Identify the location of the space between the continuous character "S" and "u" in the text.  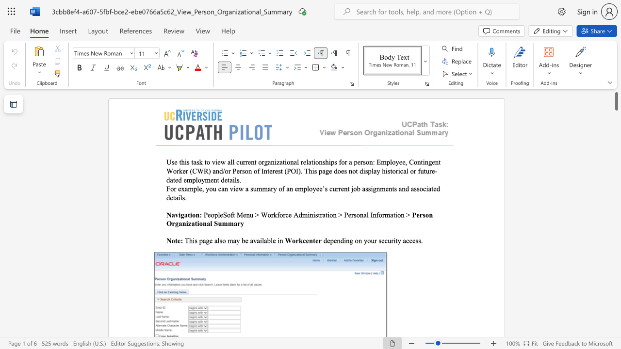
(217, 223).